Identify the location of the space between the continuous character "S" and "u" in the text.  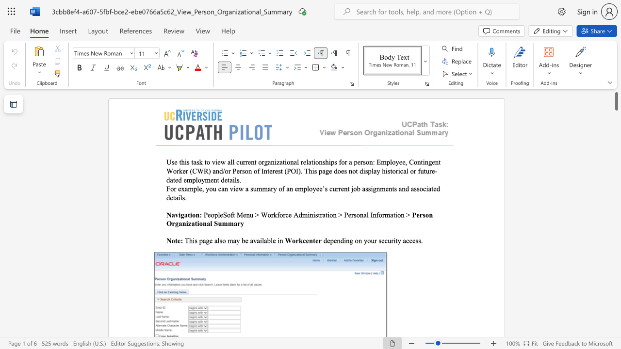
(217, 223).